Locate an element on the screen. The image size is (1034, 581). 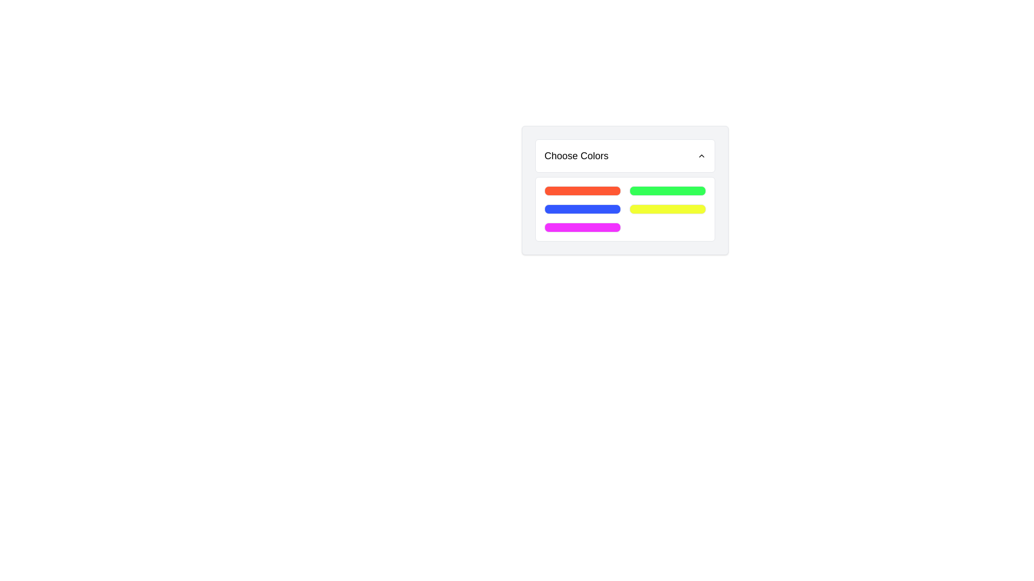
the clickable area with a bright green background, which is the second item in the first row of the grid layout is located at coordinates (667, 190).